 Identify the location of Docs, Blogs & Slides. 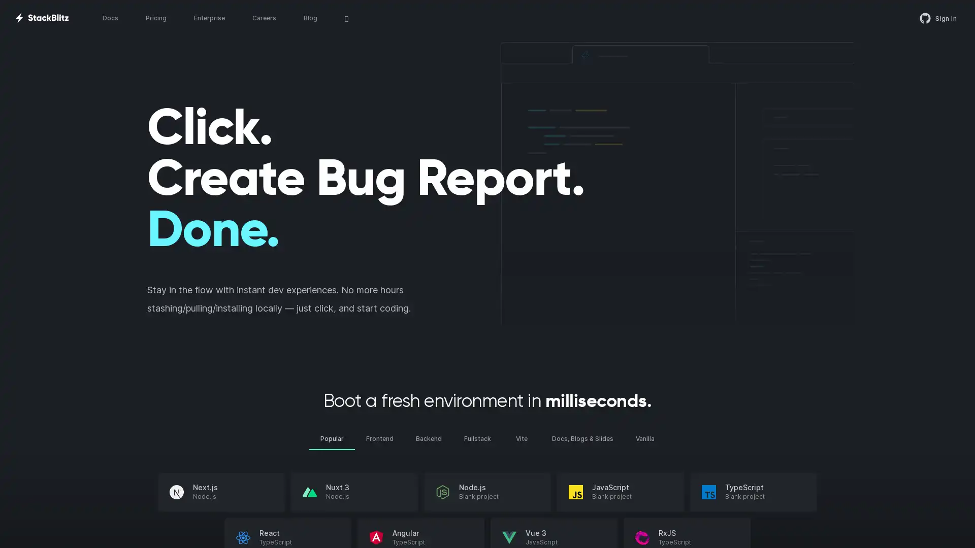
(582, 438).